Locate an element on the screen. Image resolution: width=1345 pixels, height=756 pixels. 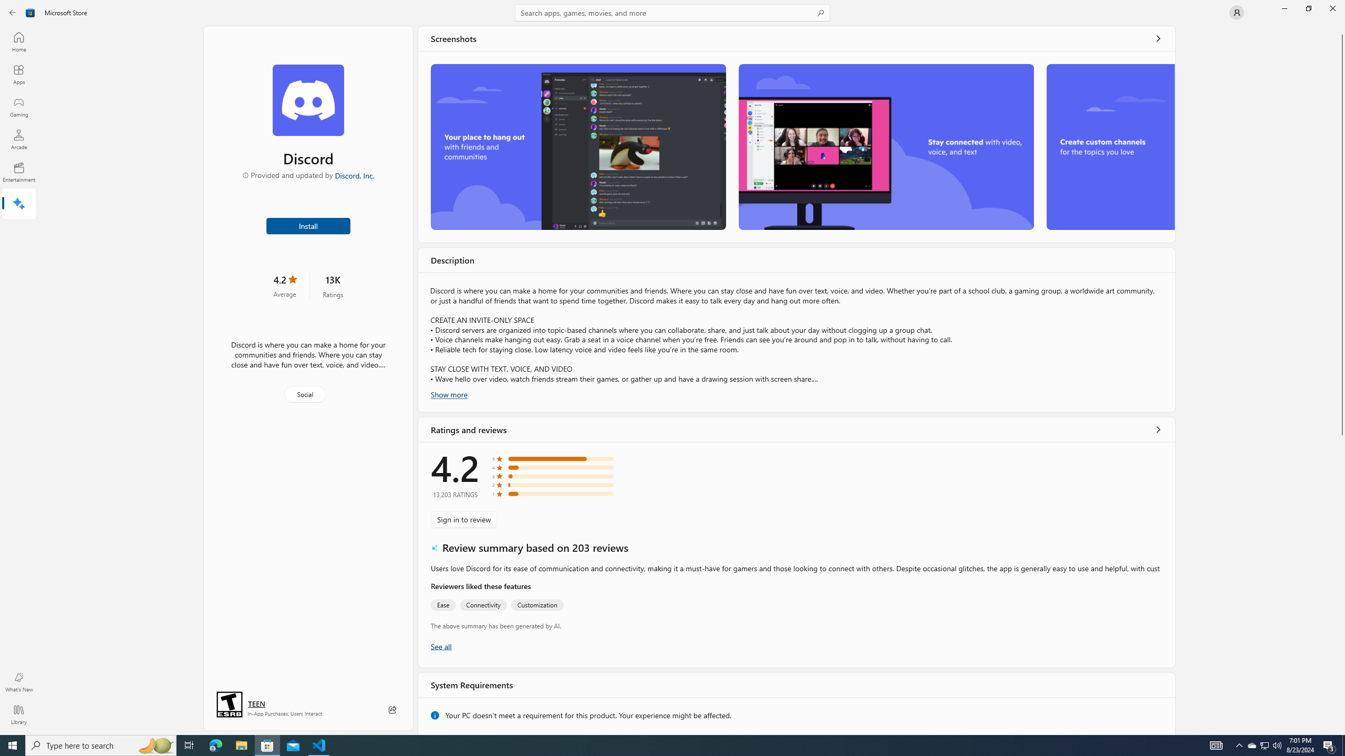
'Search' is located at coordinates (672, 12).